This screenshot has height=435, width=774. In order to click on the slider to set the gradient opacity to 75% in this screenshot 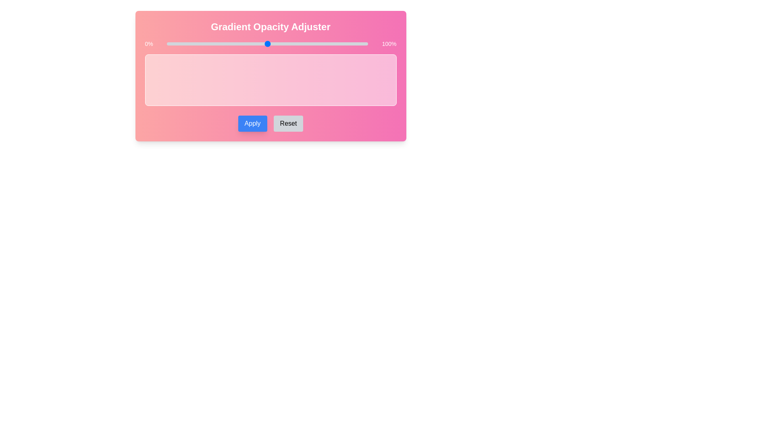, I will do `click(317, 43)`.